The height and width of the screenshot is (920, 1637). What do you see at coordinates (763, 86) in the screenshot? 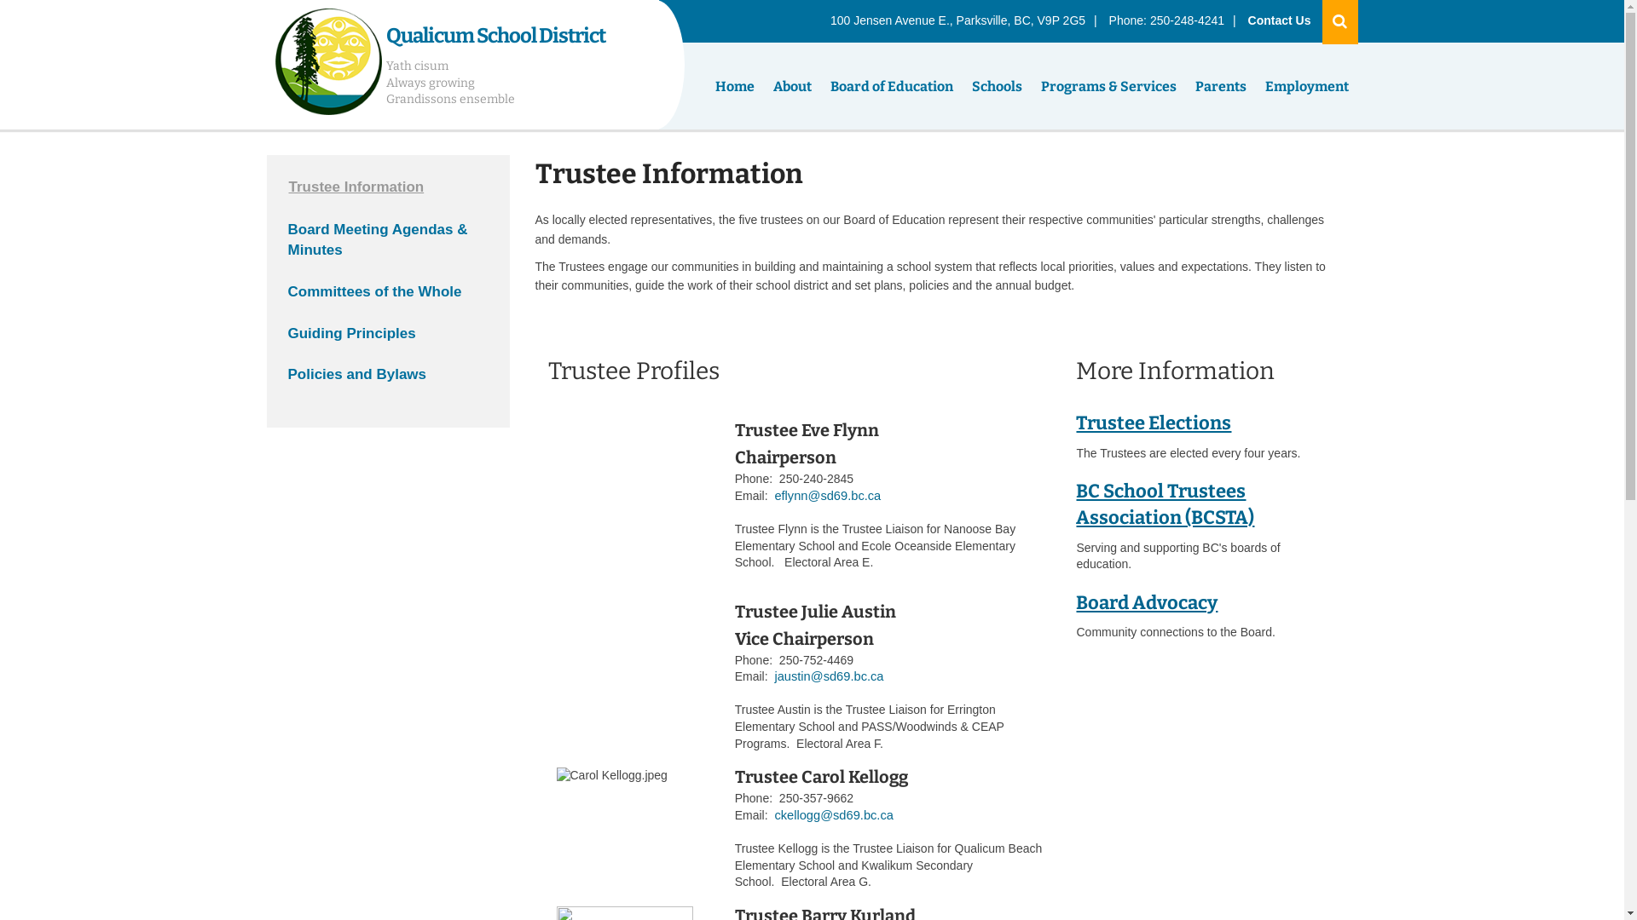
I see `'About'` at bounding box center [763, 86].